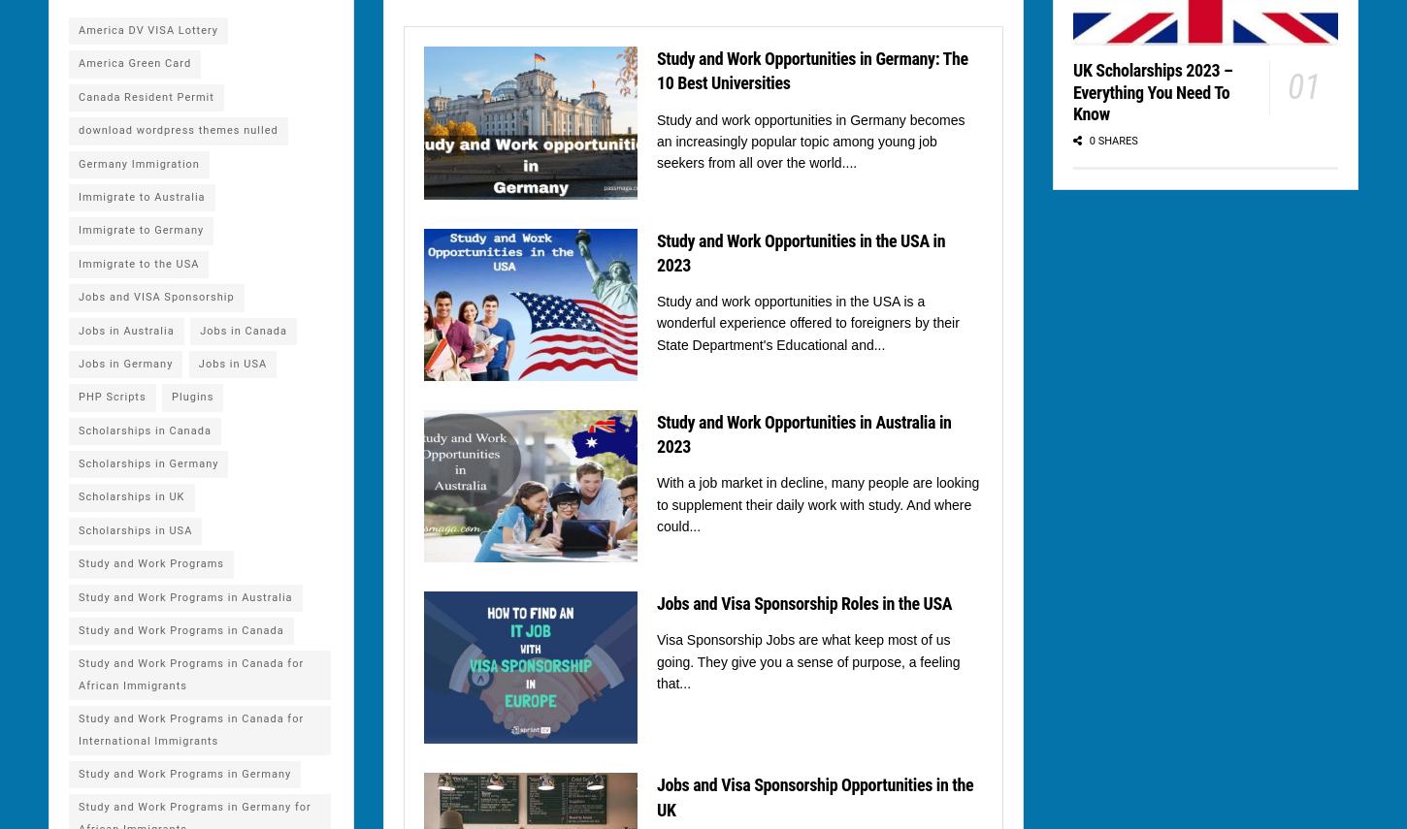 The image size is (1407, 829). I want to click on 'Study and Work Programs in Canada for African Immigrants', so click(190, 673).